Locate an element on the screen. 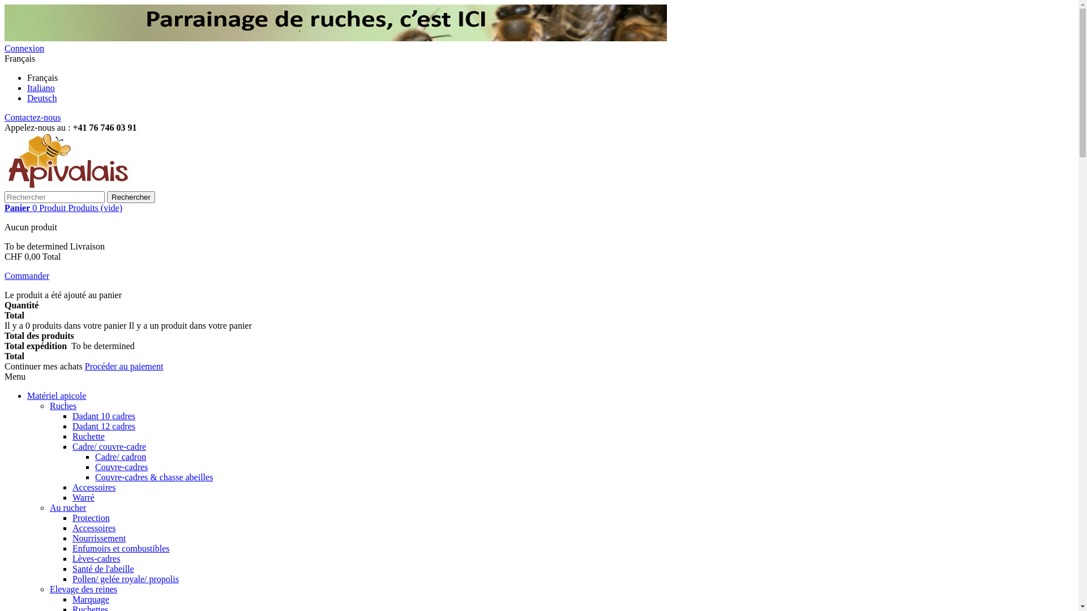 The image size is (1087, 611). 'Enfumoirs et combustibles' is located at coordinates (121, 548).